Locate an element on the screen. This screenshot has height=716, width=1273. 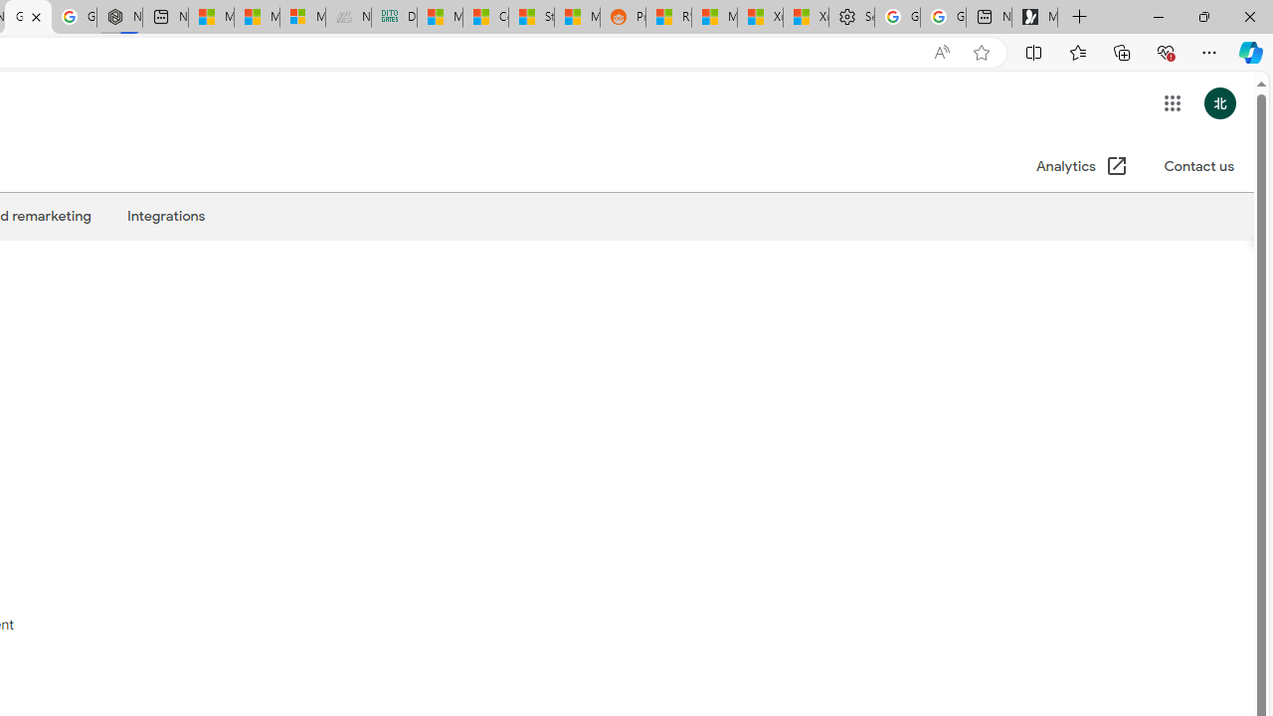
'Analytics (Open in a new window)' is located at coordinates (1081, 166).